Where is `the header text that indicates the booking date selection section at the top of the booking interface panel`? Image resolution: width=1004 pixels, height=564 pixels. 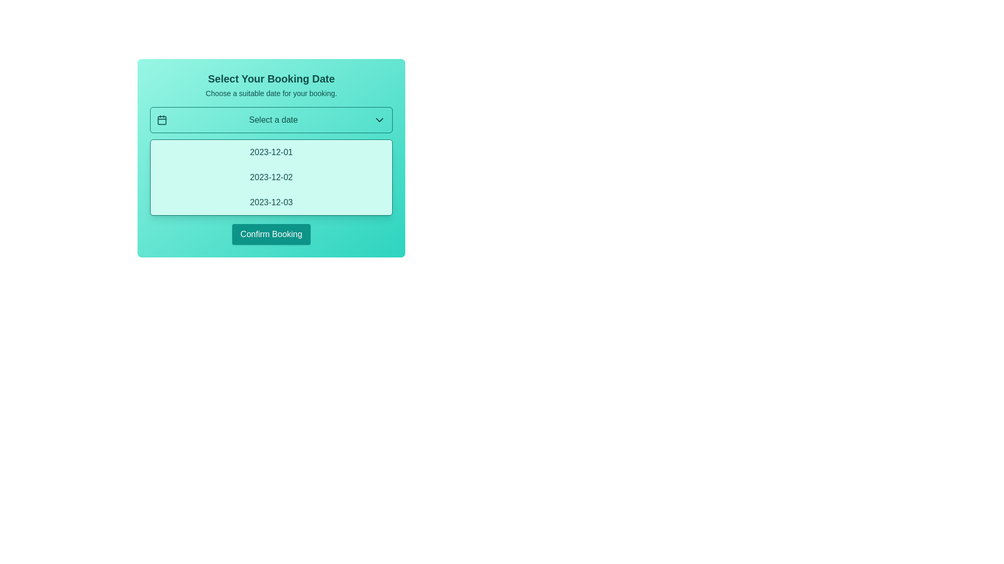
the header text that indicates the booking date selection section at the top of the booking interface panel is located at coordinates (271, 78).